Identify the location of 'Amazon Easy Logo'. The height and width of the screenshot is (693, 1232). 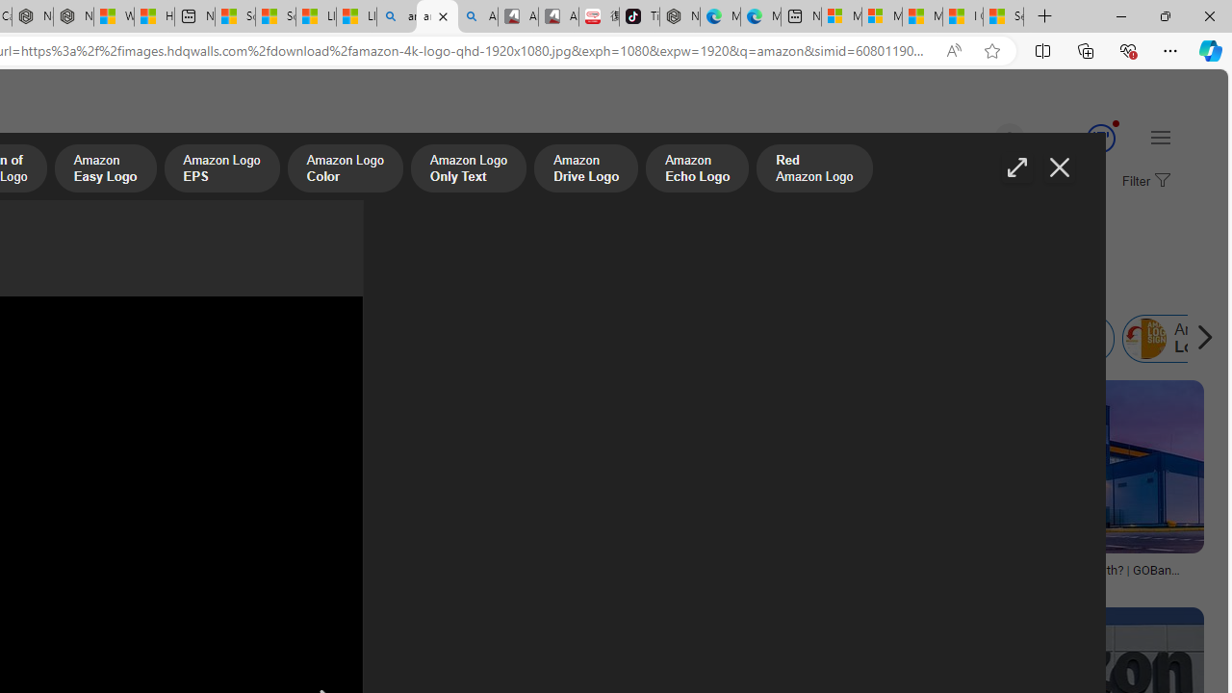
(104, 169).